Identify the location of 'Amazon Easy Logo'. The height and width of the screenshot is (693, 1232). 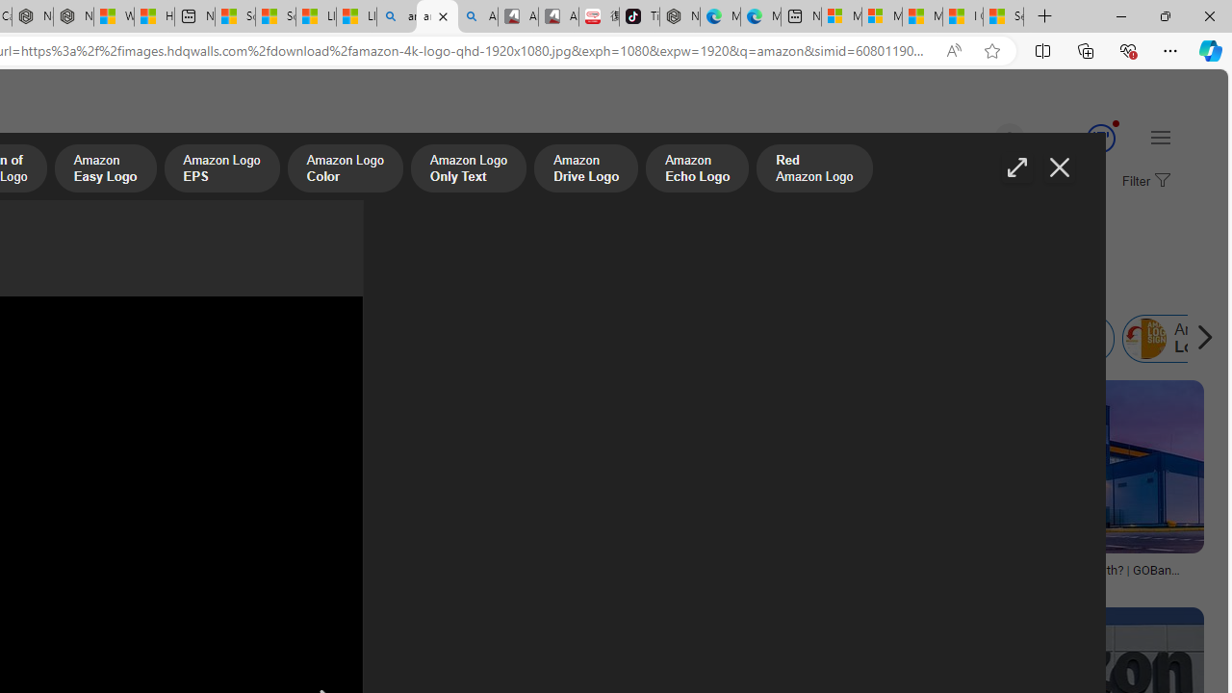
(104, 169).